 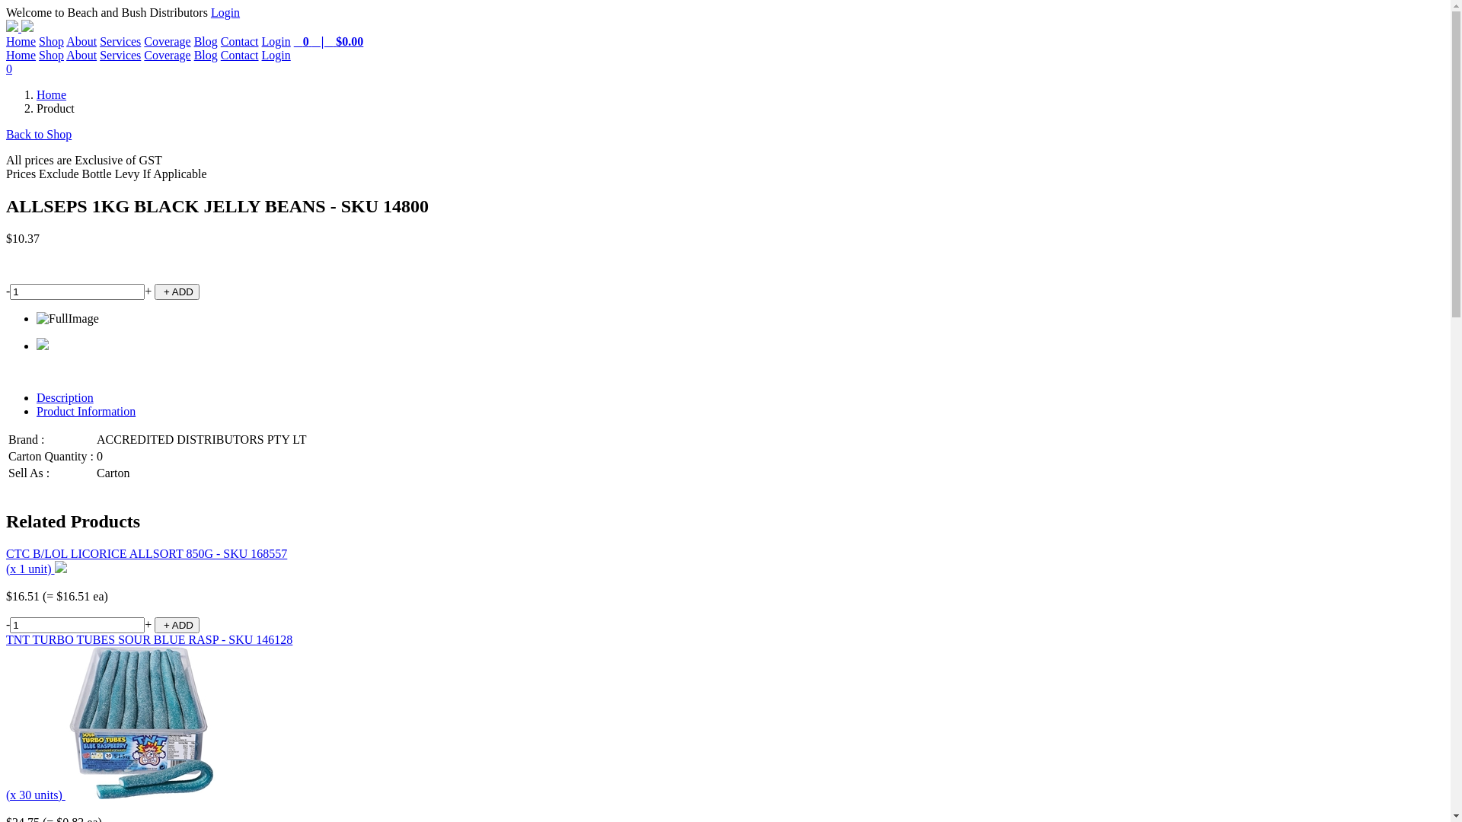 What do you see at coordinates (328, 40) in the screenshot?
I see `'   0    |    $0.00'` at bounding box center [328, 40].